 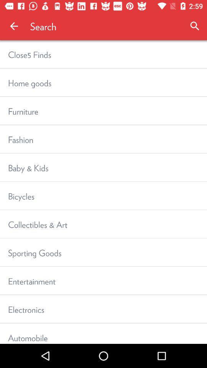 I want to click on icon to the left of the search app, so click(x=14, y=26).